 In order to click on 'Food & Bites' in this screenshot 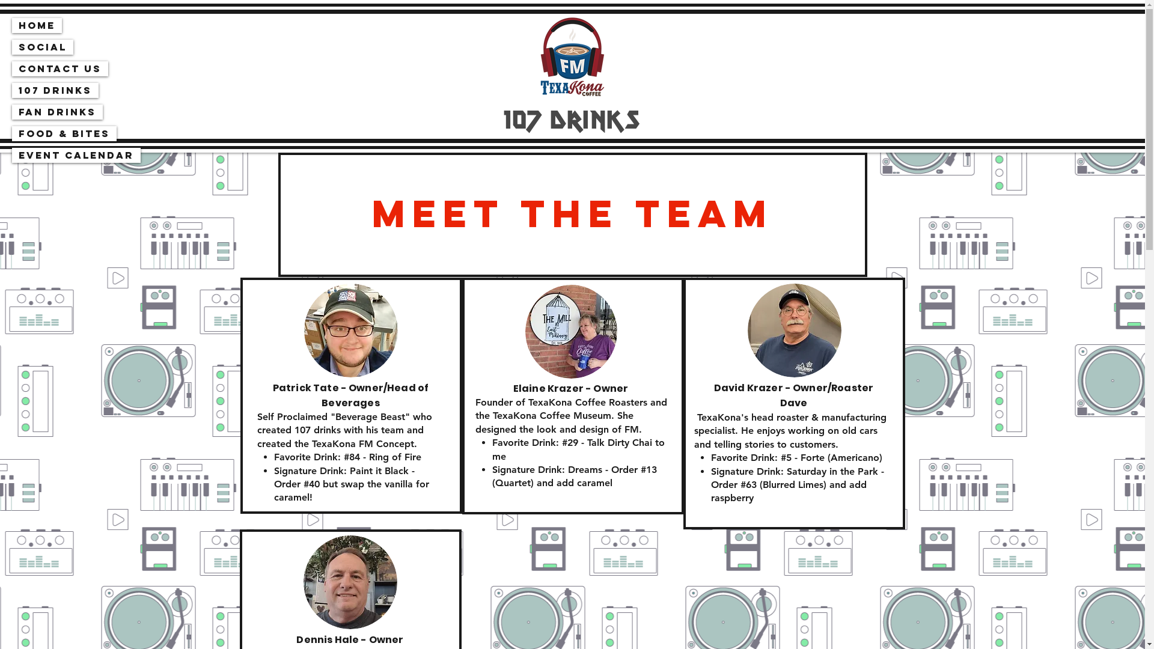, I will do `click(63, 133)`.